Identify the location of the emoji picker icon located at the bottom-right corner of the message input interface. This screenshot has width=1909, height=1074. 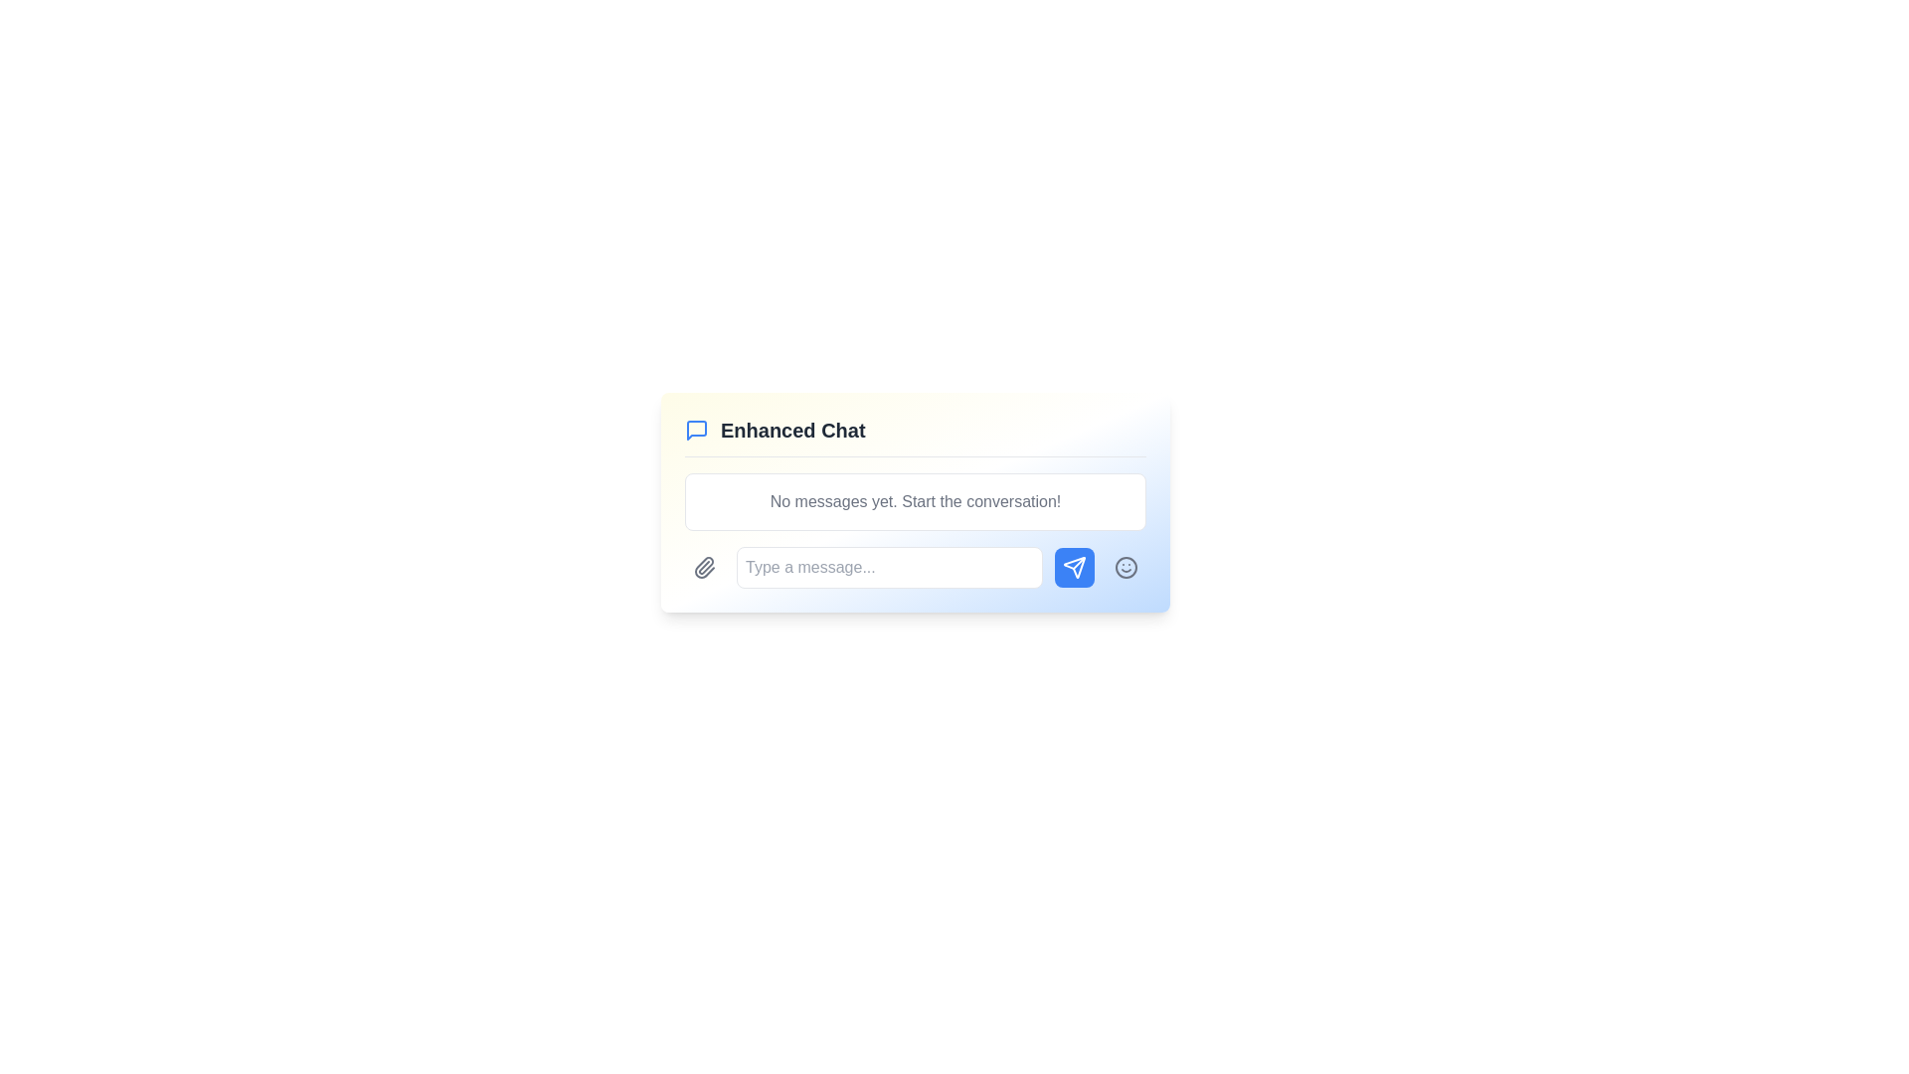
(1126, 567).